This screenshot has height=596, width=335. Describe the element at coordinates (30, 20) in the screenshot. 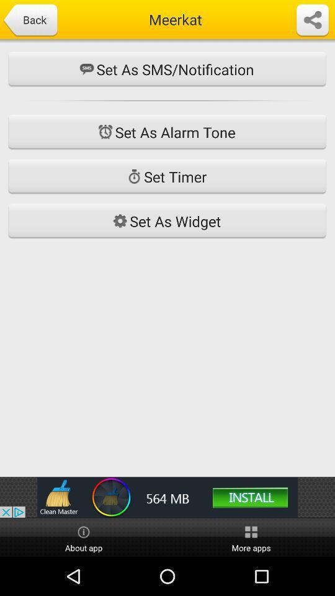

I see `back button which is at the top left corner` at that location.